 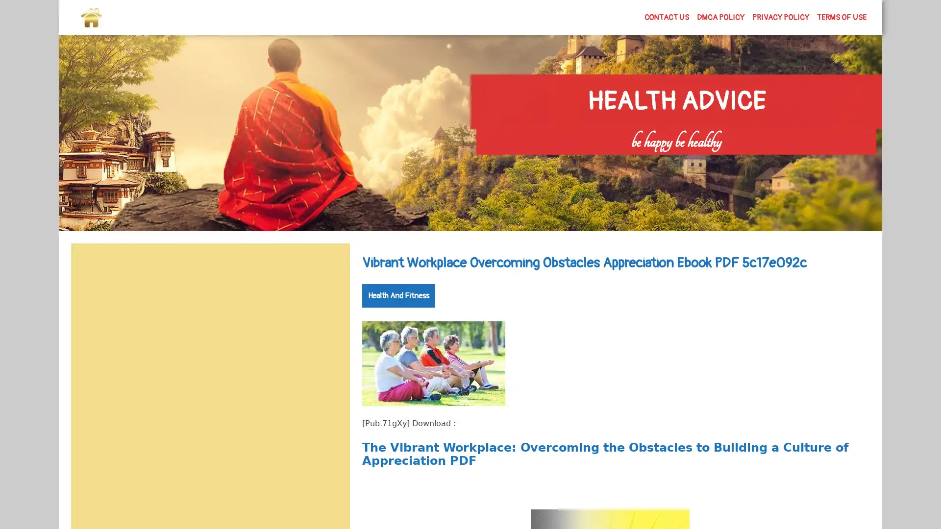 What do you see at coordinates (327, 267) in the screenshot?
I see `Search` at bounding box center [327, 267].